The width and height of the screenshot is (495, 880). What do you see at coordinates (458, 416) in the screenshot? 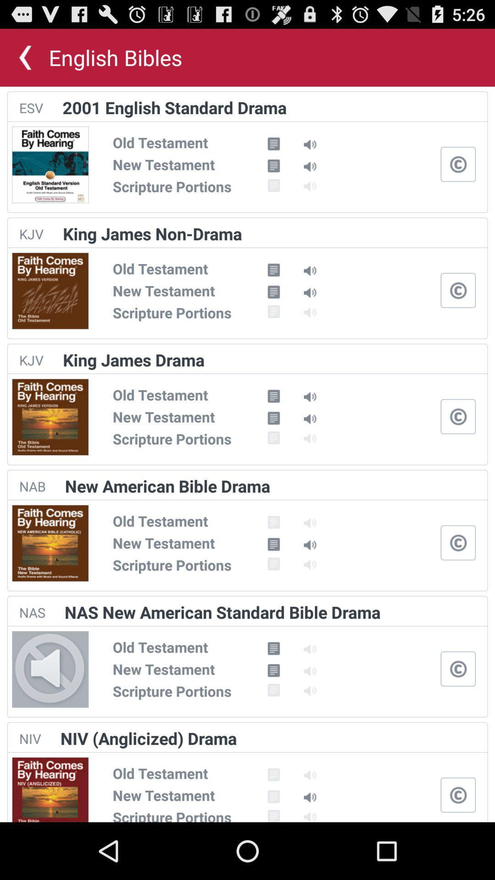
I see `shows copyright information` at bounding box center [458, 416].